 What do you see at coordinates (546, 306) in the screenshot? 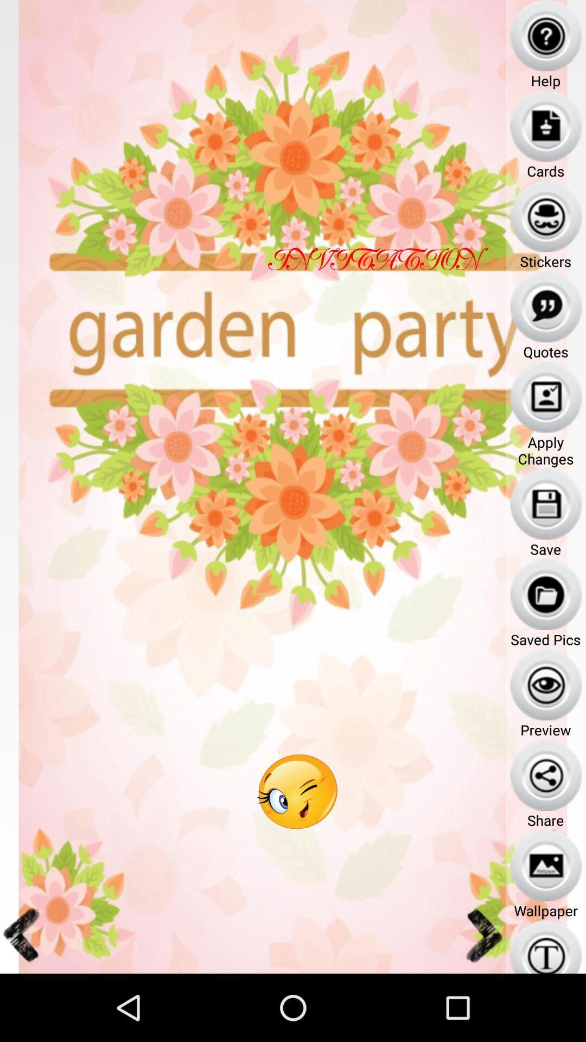
I see `app below the stickers icon` at bounding box center [546, 306].